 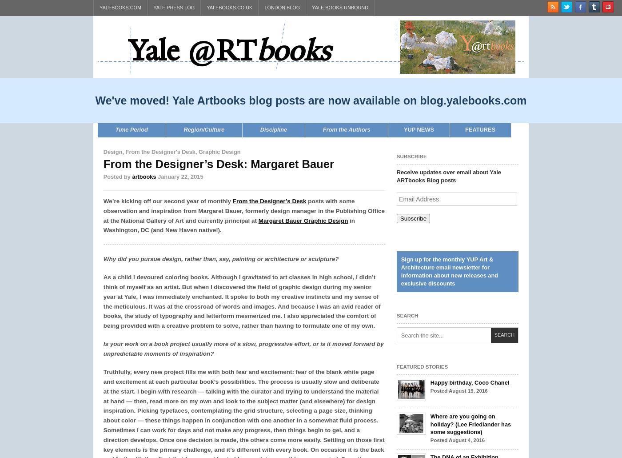 I want to click on 'We’re kicking off our second year of monthly', so click(x=167, y=200).